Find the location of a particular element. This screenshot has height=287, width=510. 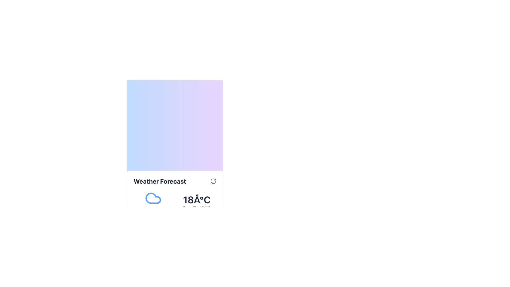

temperature information displayed in the Text Block which shows '18°C' in bold and 'Feels like 16°C' below it is located at coordinates (196, 202).